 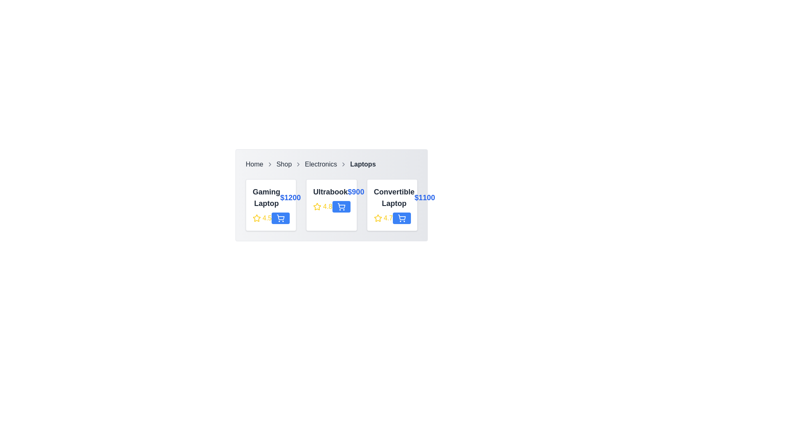 I want to click on the cart button of the second product card, which is centrally located between the 'Gaming Laptop' and 'Convertible Laptop' cards in the online shop, so click(x=331, y=204).